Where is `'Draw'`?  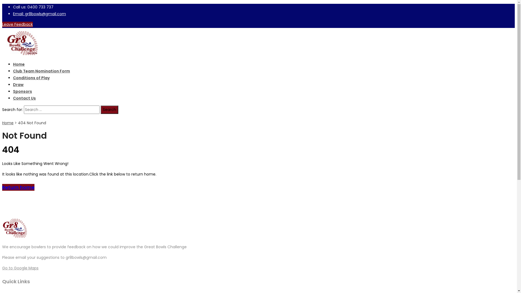
'Draw' is located at coordinates (18, 85).